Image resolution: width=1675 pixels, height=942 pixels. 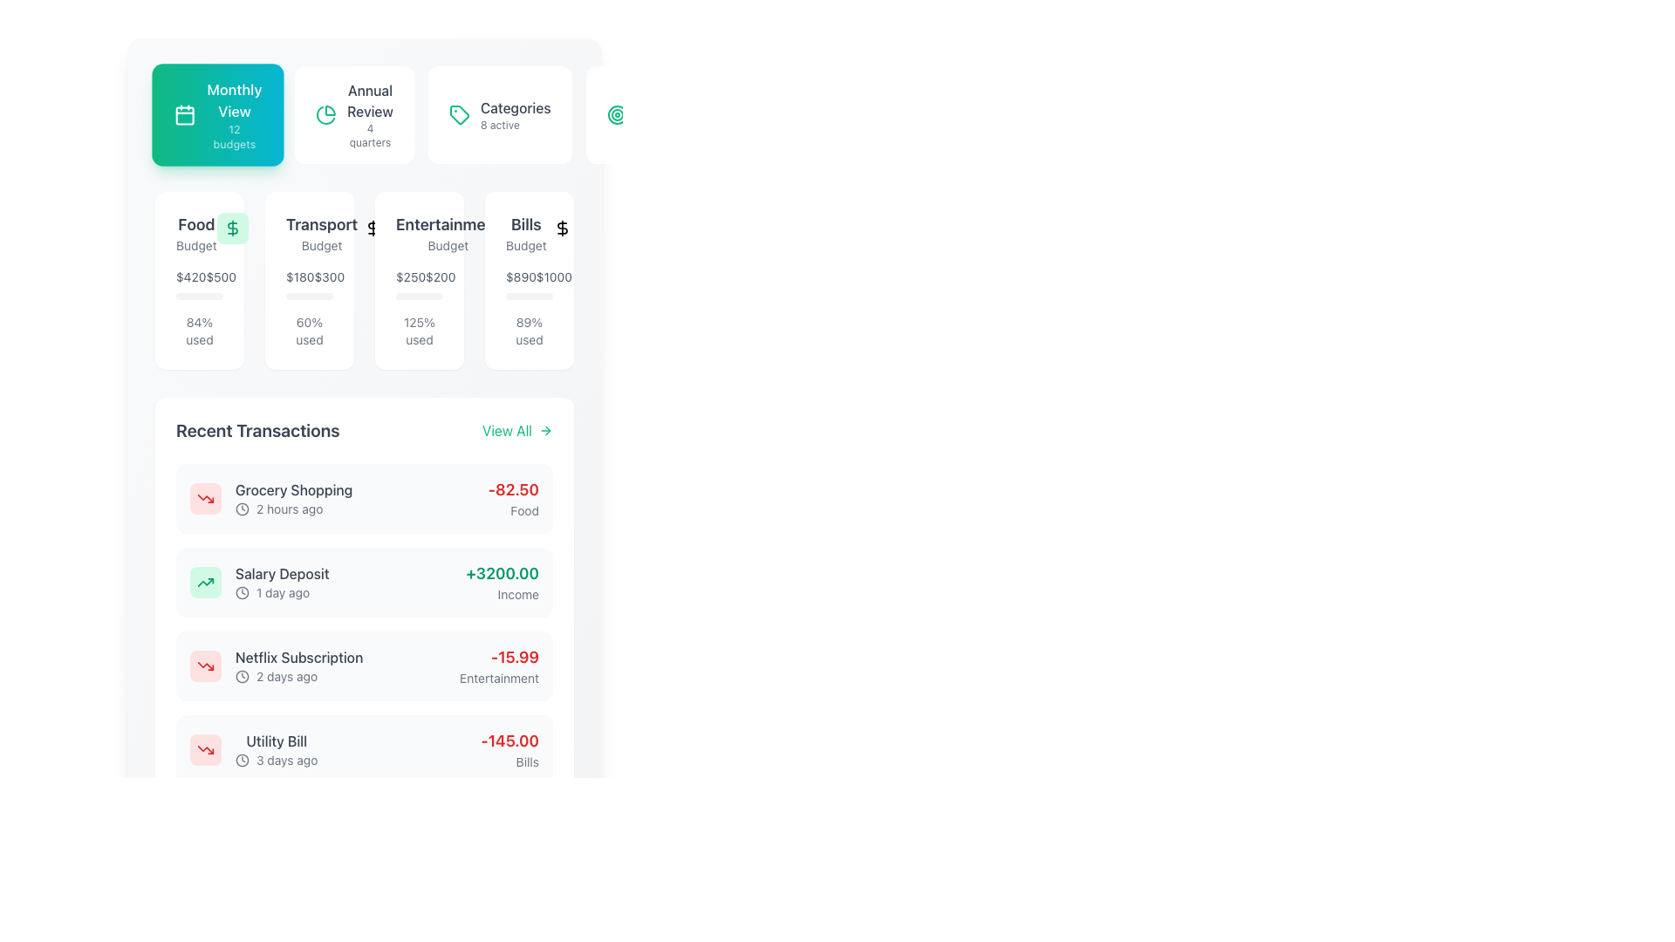 What do you see at coordinates (185, 116) in the screenshot?
I see `the graphic element that visually represents part of the calendar icon, located within the highlighted green tile labeled 'Monthly View'` at bounding box center [185, 116].